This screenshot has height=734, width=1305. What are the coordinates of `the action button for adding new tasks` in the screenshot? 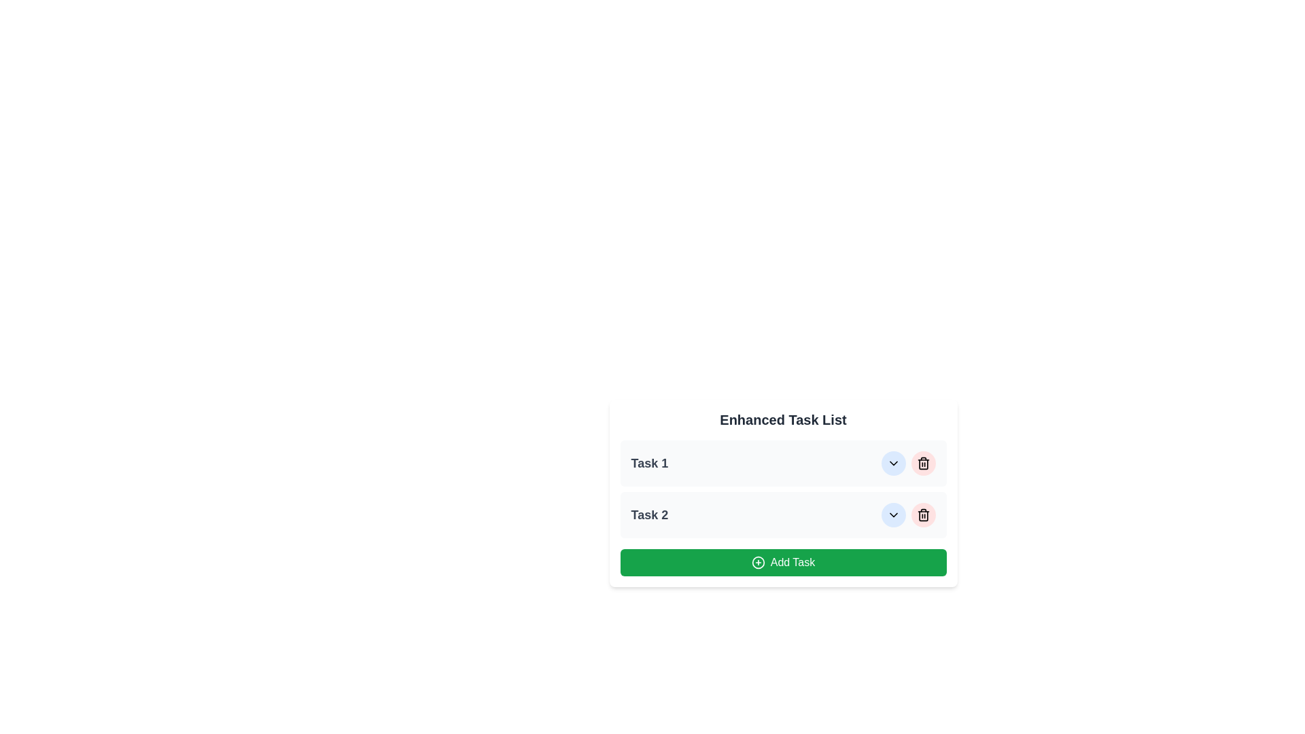 It's located at (783, 563).